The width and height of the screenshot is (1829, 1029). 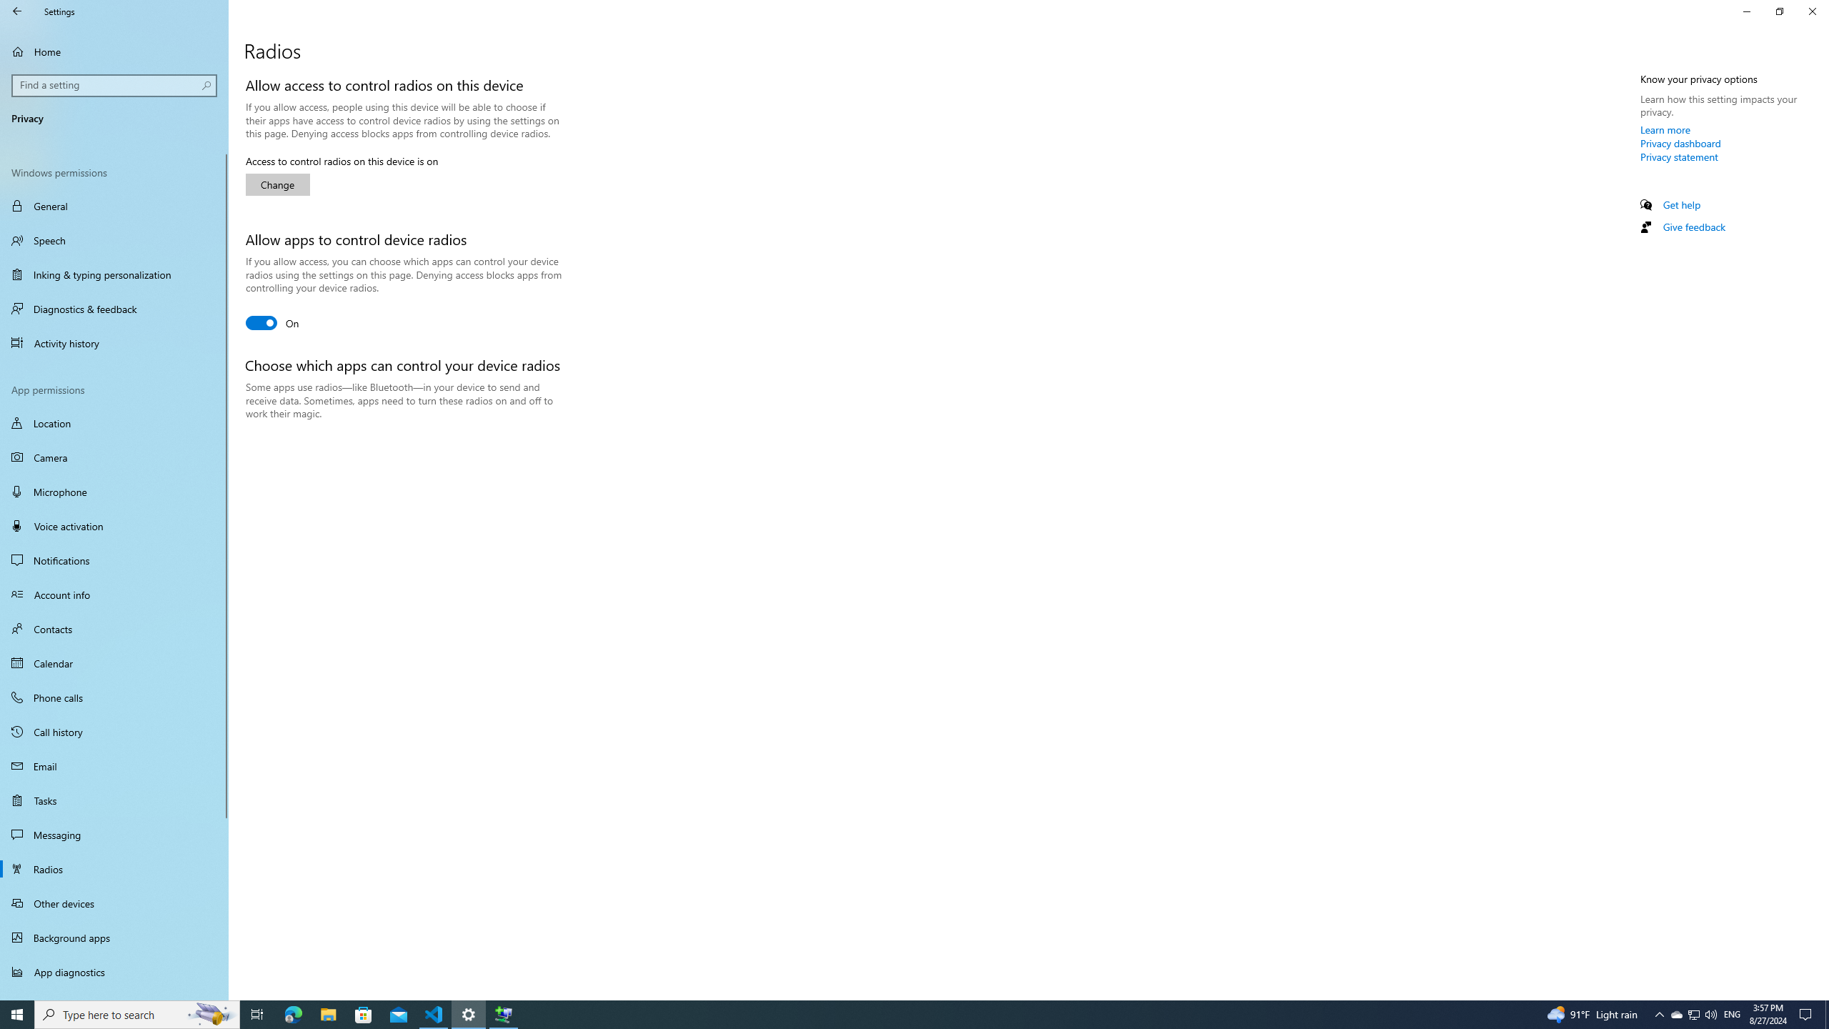 I want to click on 'User Promoted Notification Area', so click(x=1693, y=1013).